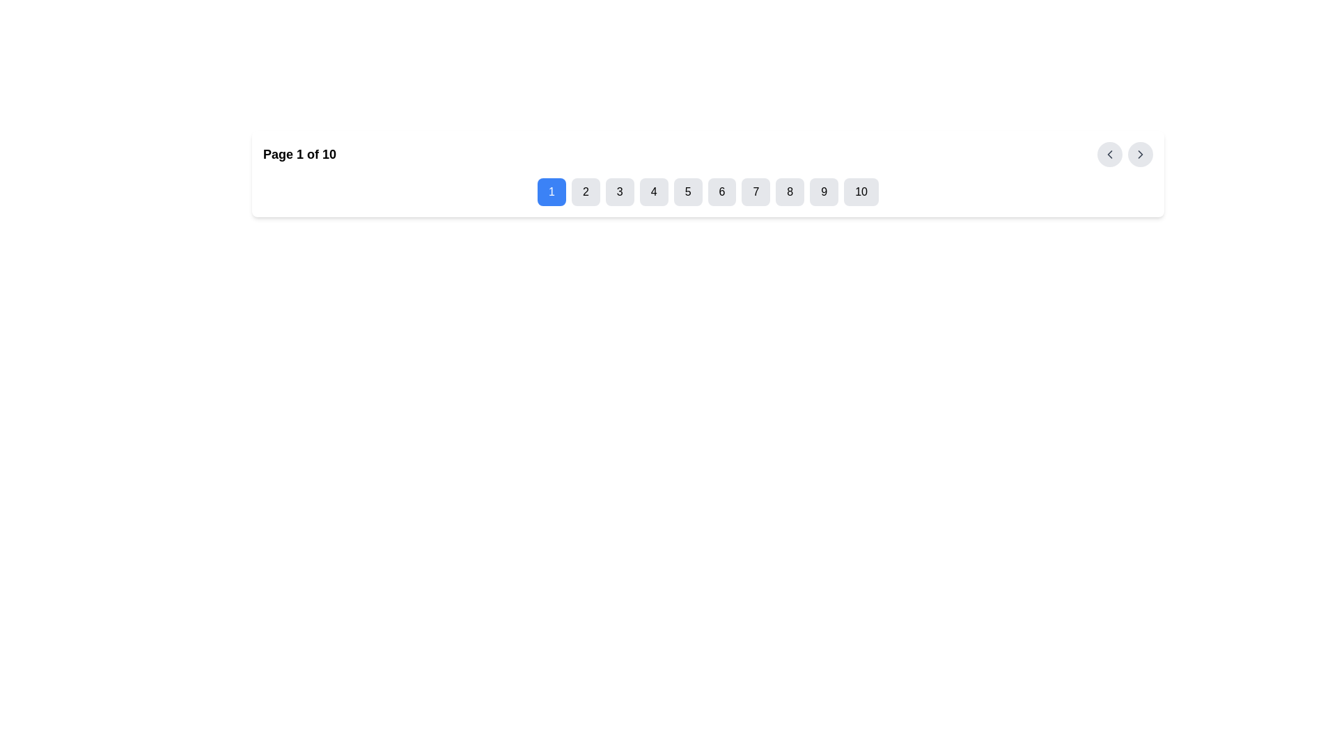  Describe the element at coordinates (1109, 155) in the screenshot. I see `the circular button with a light gray background and a left-facing chevron icon` at that location.